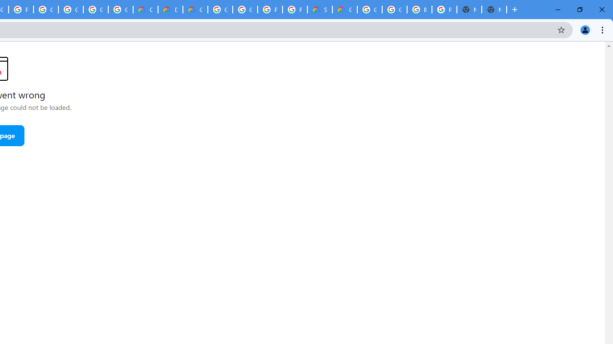  What do you see at coordinates (245, 10) in the screenshot?
I see `'Google Cloud Platform'` at bounding box center [245, 10].